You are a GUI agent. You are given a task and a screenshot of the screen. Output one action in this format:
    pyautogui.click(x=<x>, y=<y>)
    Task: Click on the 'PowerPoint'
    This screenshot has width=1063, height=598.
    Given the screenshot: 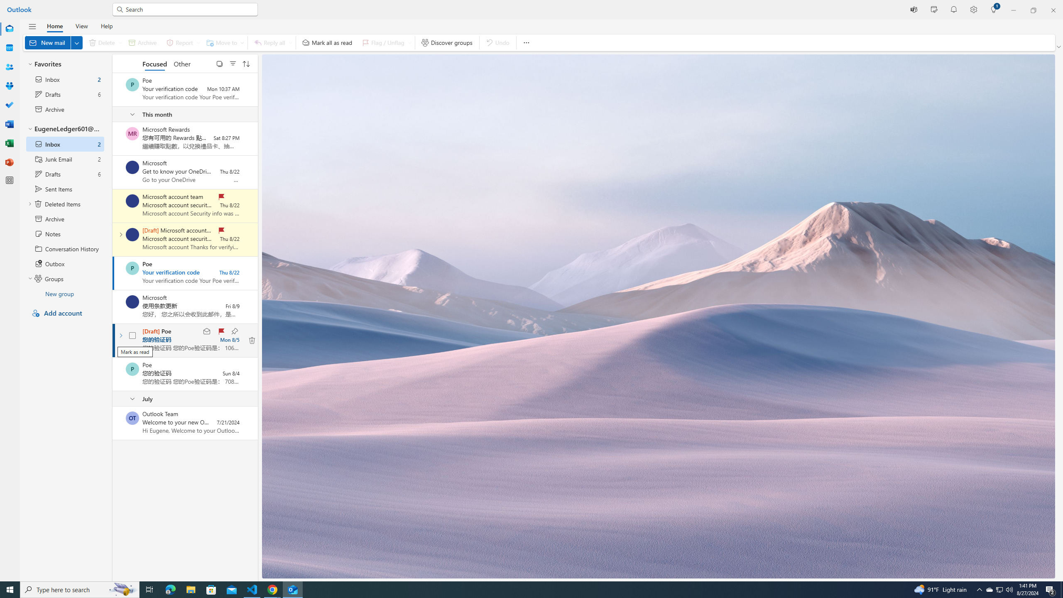 What is the action you would take?
    pyautogui.click(x=10, y=162)
    